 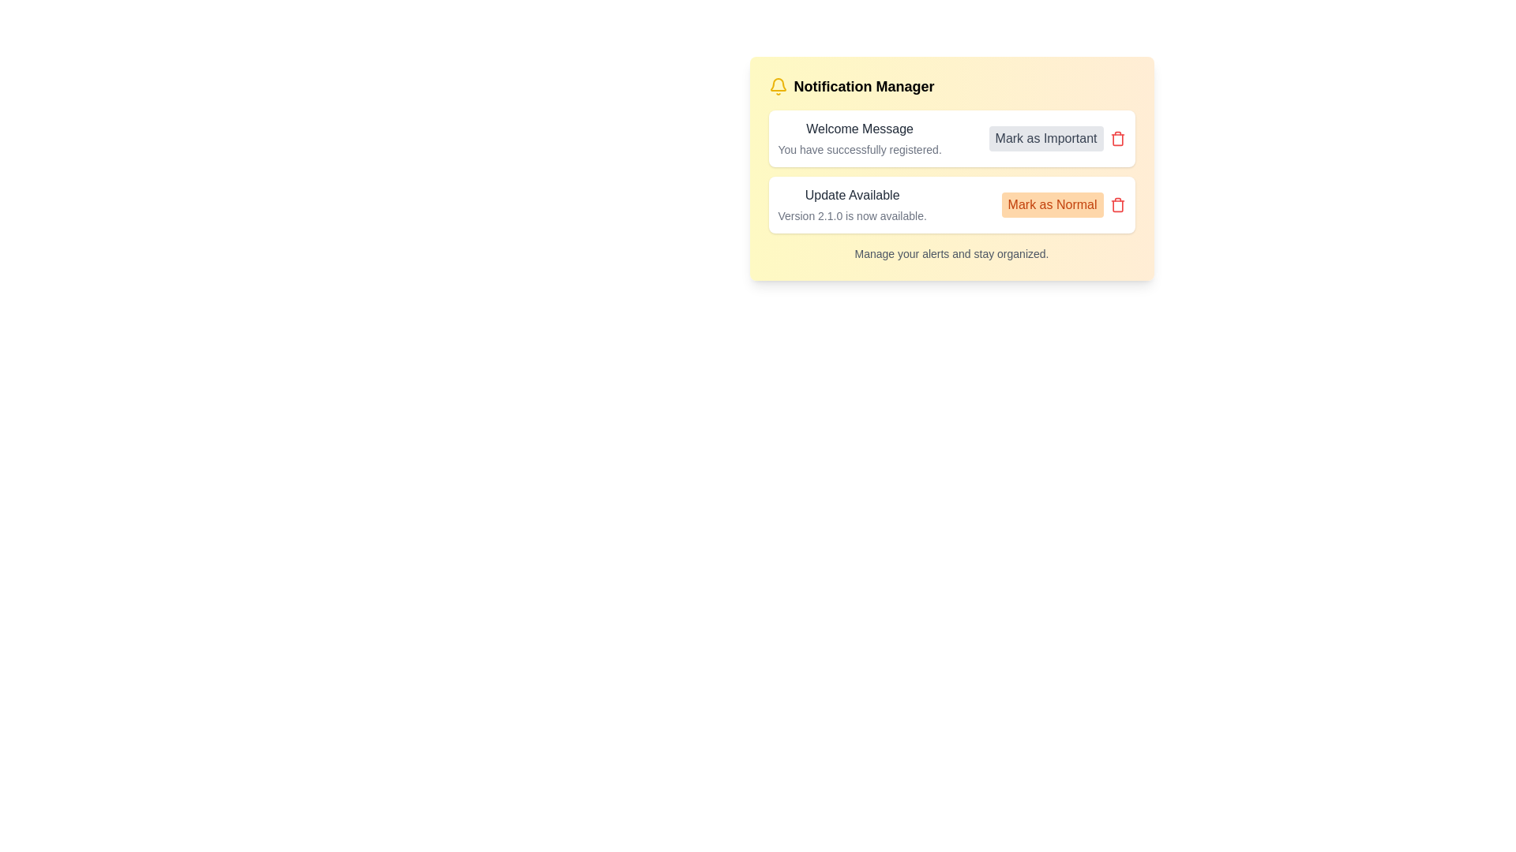 What do you see at coordinates (859, 129) in the screenshot?
I see `the text label located within the 'Notification Manager' box that describes the context of the notification below it` at bounding box center [859, 129].